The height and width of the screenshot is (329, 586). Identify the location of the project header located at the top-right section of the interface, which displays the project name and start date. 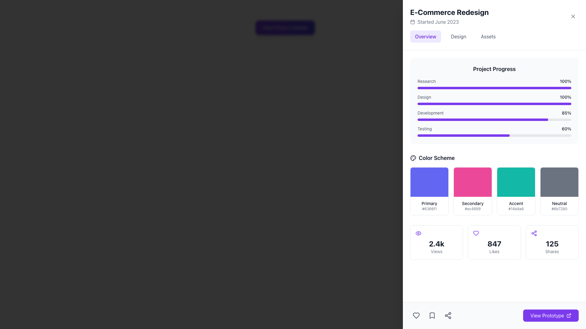
(449, 16).